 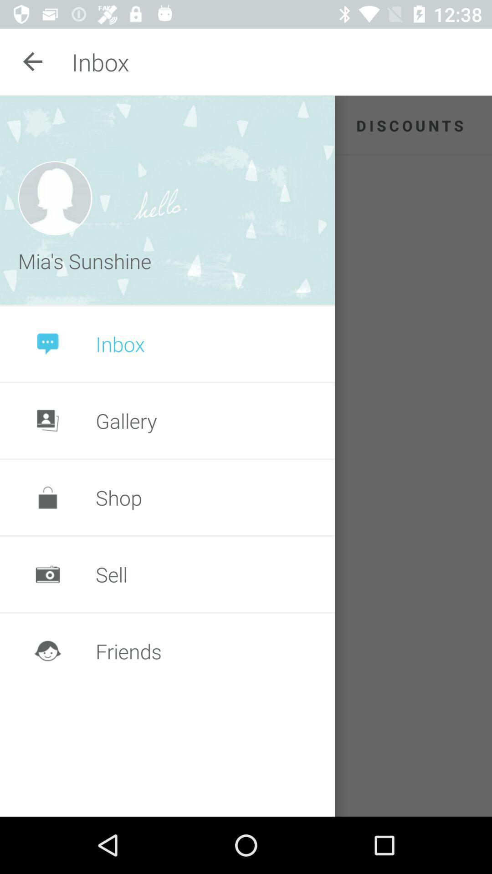 I want to click on the mia's sunshine  icon, so click(x=87, y=260).